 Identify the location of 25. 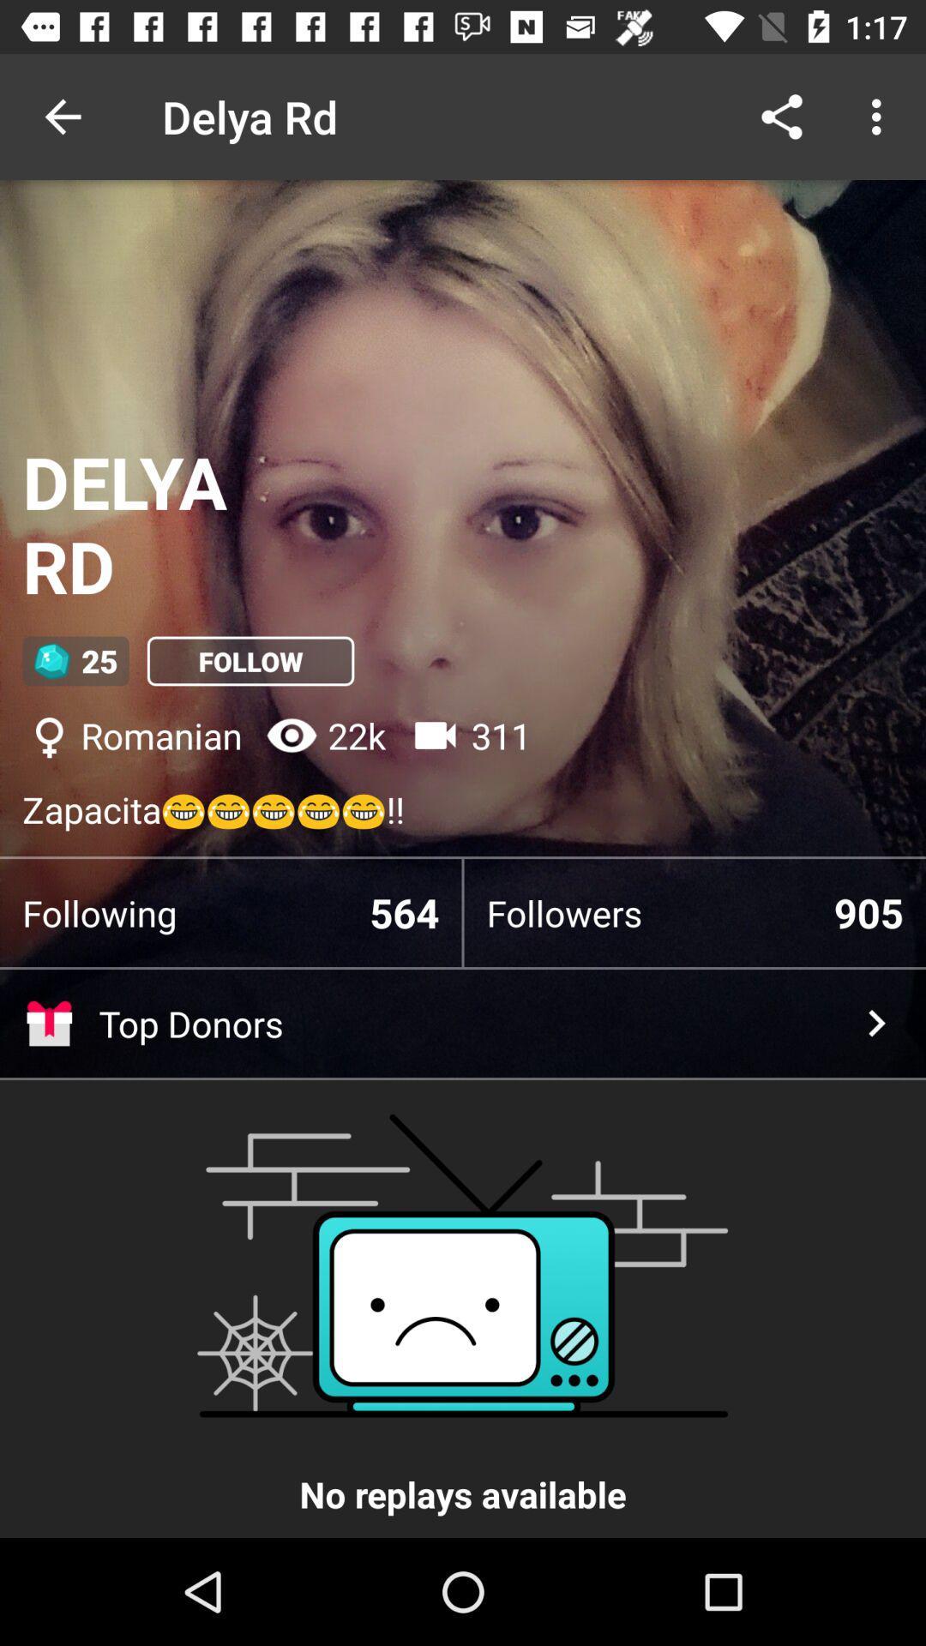
(75, 660).